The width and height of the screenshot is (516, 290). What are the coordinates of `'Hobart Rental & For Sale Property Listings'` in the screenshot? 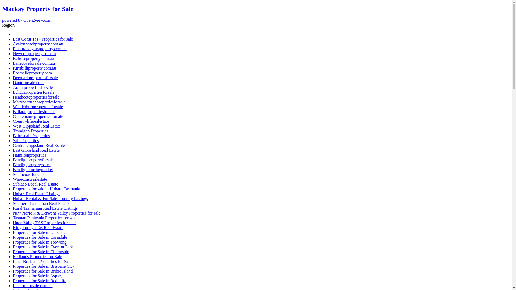 It's located at (50, 198).